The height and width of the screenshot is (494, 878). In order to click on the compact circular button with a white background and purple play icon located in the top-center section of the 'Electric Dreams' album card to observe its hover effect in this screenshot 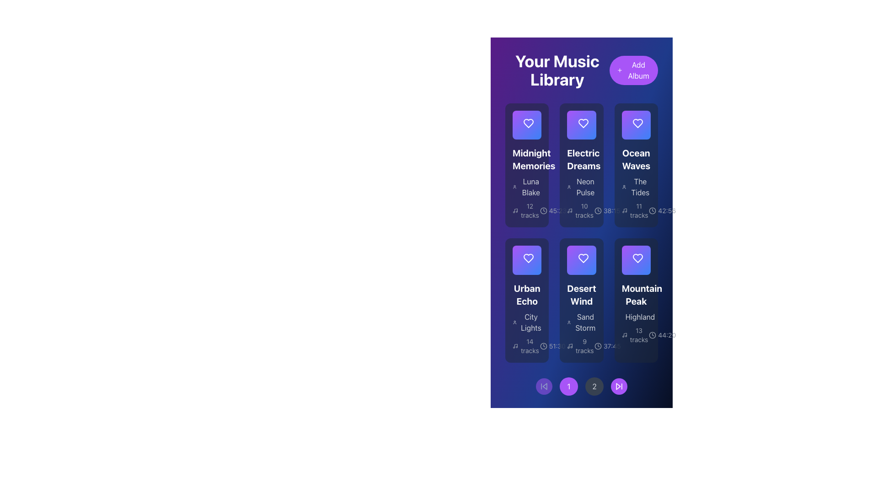, I will do `click(581, 125)`.